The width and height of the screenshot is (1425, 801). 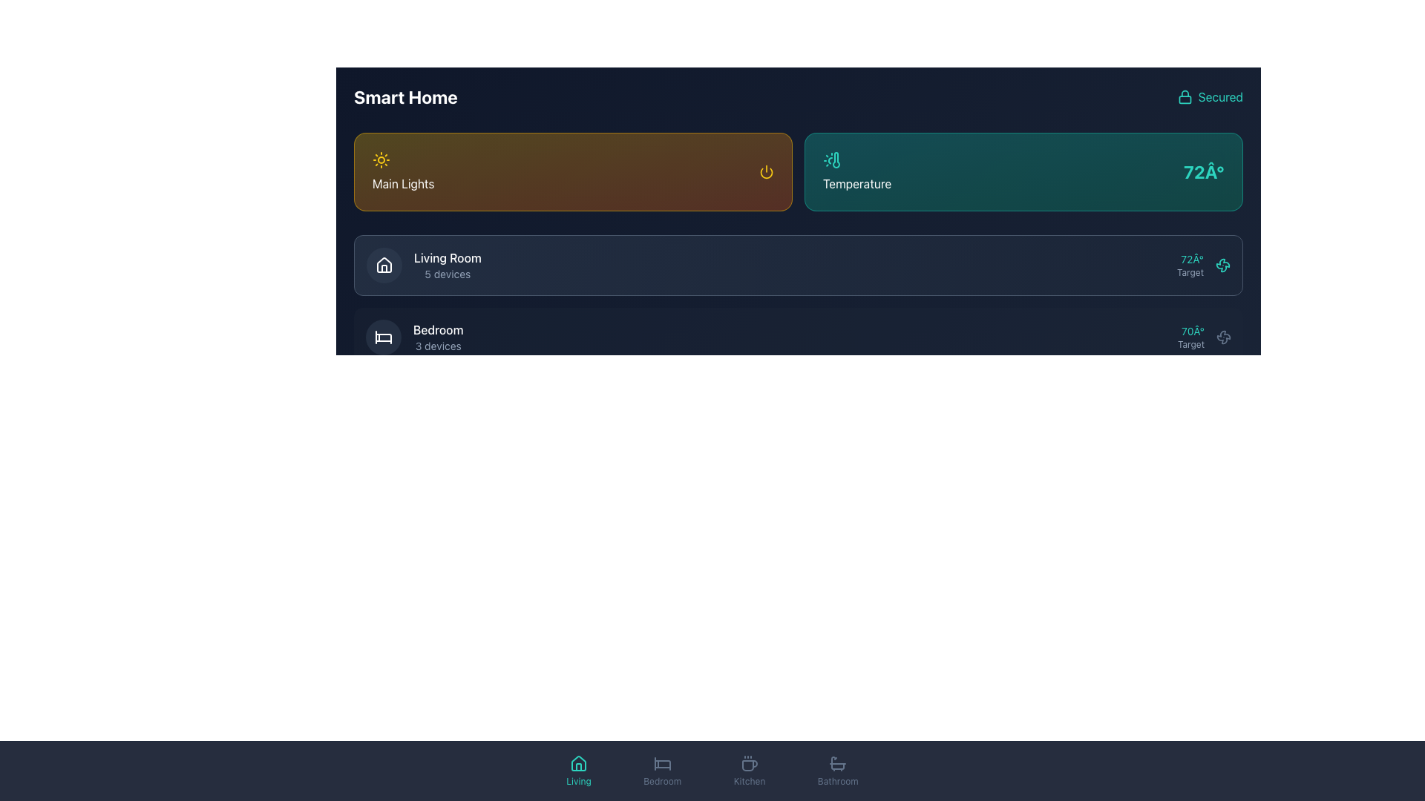 I want to click on the smart home lights control card located in the left slot of the two-column grid, so click(x=572, y=171).